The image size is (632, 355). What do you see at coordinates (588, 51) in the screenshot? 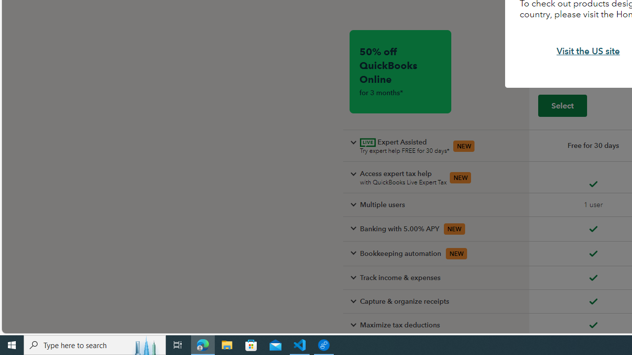
I see `'Visit the US site'` at bounding box center [588, 51].